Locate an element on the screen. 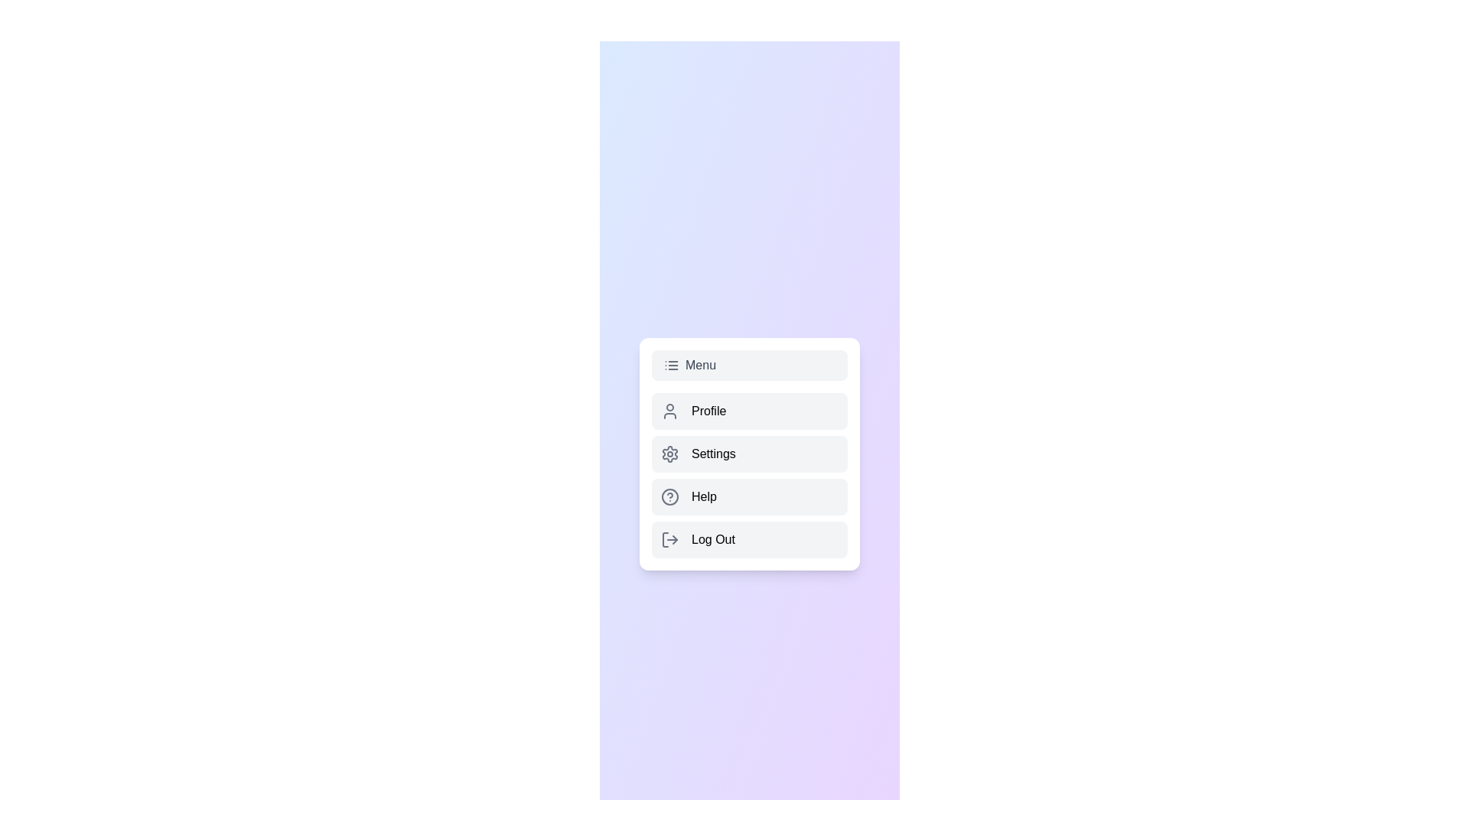 The width and height of the screenshot is (1469, 826). the 'Help' button in the menu is located at coordinates (749, 497).